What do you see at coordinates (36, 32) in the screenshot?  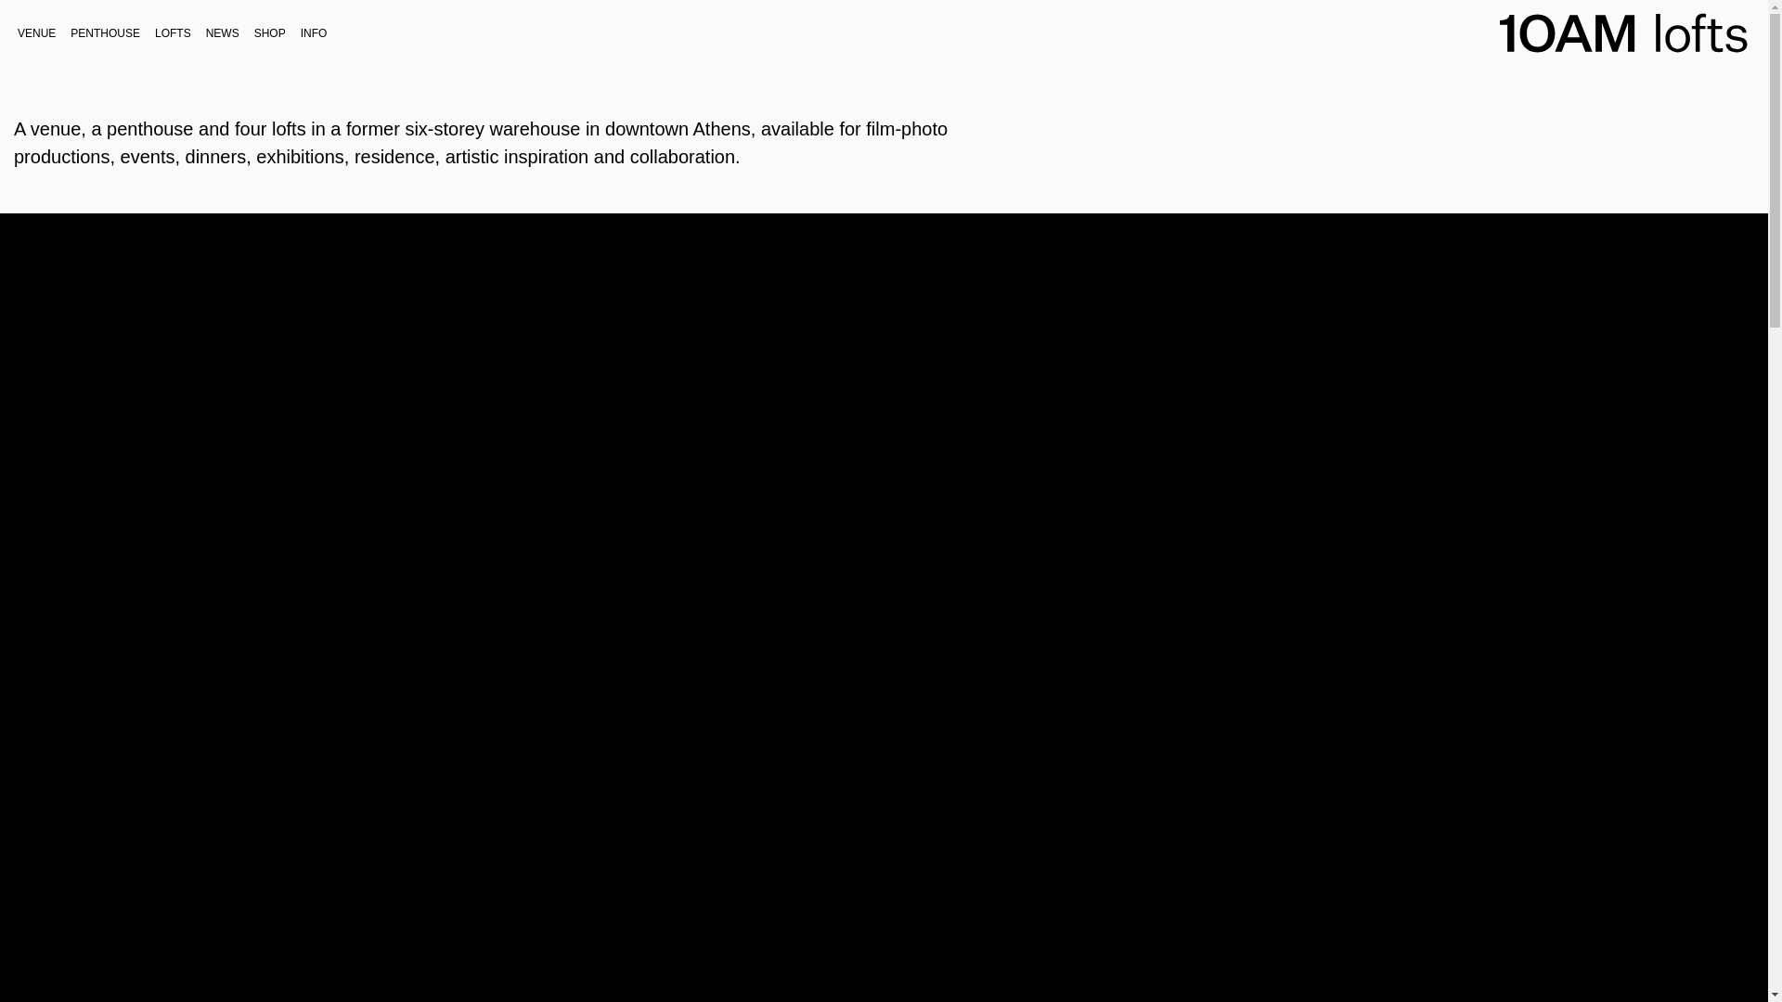 I see `'VENUE'` at bounding box center [36, 32].